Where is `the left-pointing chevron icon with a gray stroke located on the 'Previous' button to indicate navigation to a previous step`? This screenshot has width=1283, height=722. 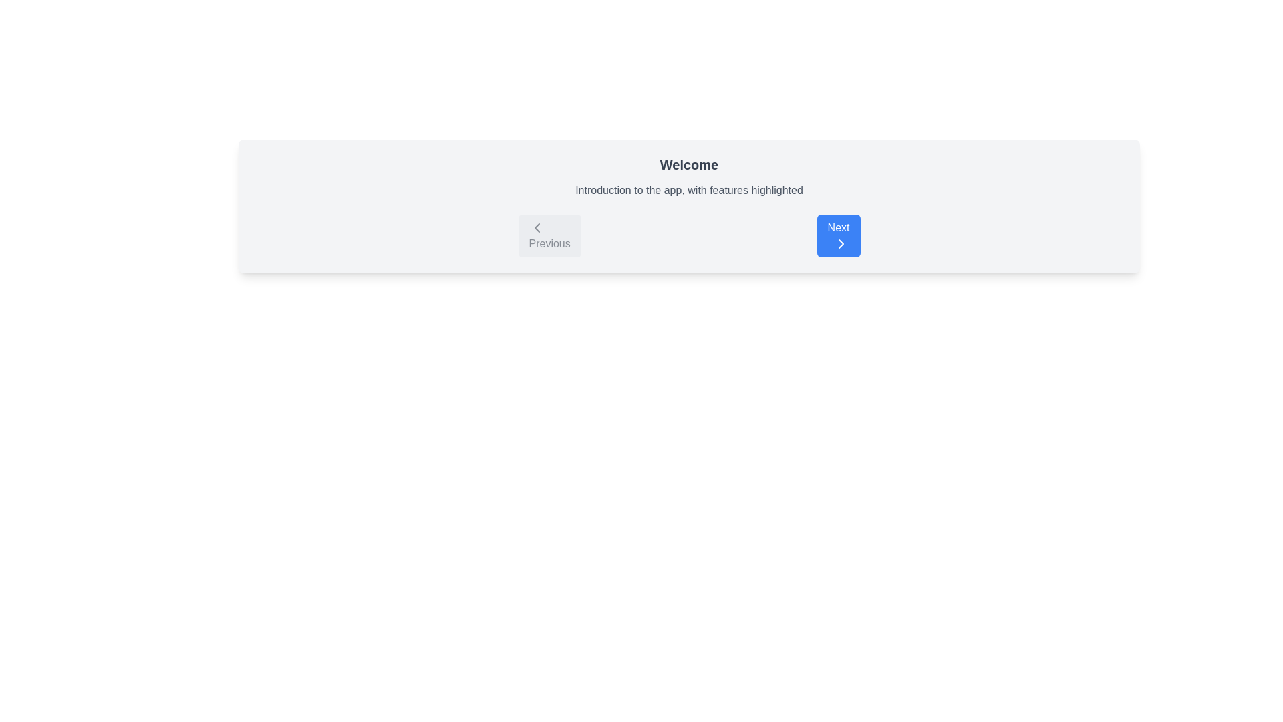
the left-pointing chevron icon with a gray stroke located on the 'Previous' button to indicate navigation to a previous step is located at coordinates (537, 227).